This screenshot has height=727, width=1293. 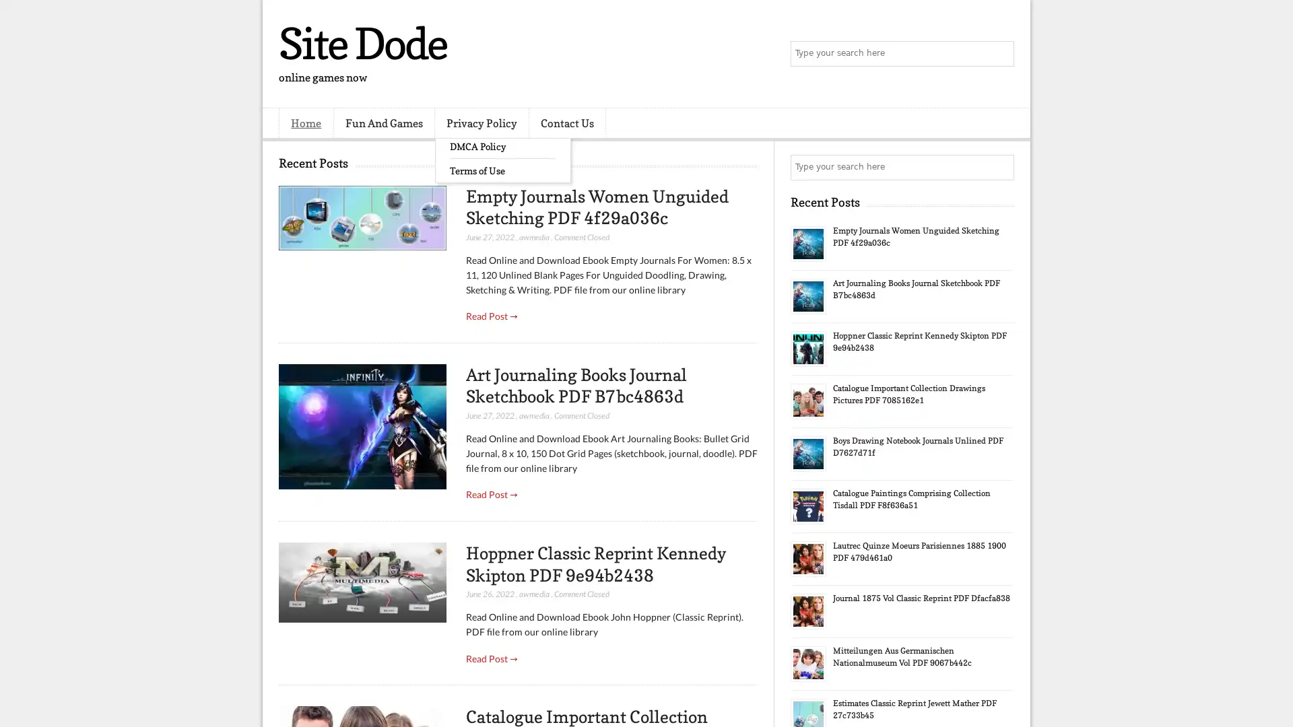 What do you see at coordinates (1000, 167) in the screenshot?
I see `Search` at bounding box center [1000, 167].